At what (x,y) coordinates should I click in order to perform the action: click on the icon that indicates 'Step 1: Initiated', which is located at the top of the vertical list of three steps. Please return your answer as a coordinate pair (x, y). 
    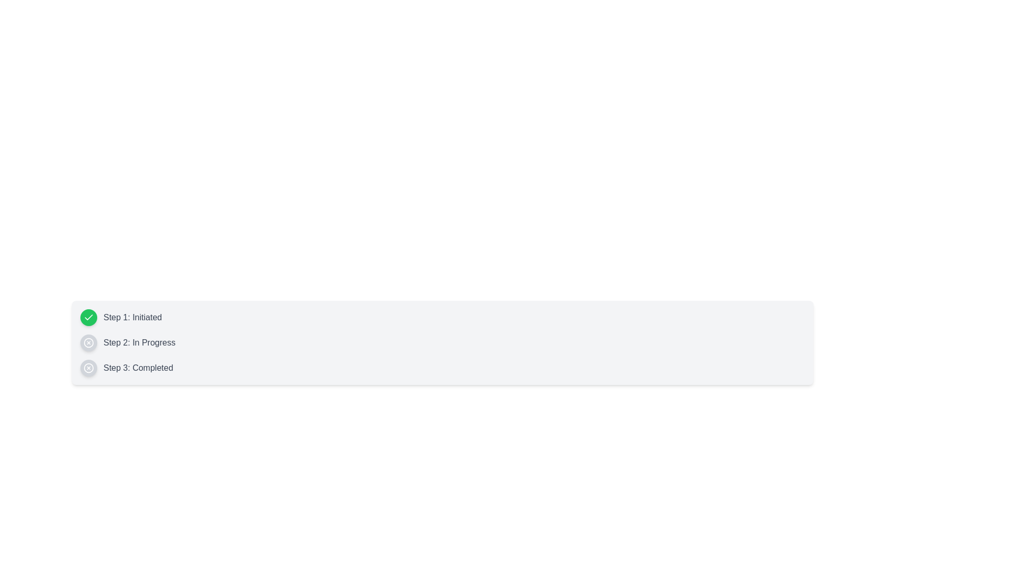
    Looking at the image, I should click on (88, 317).